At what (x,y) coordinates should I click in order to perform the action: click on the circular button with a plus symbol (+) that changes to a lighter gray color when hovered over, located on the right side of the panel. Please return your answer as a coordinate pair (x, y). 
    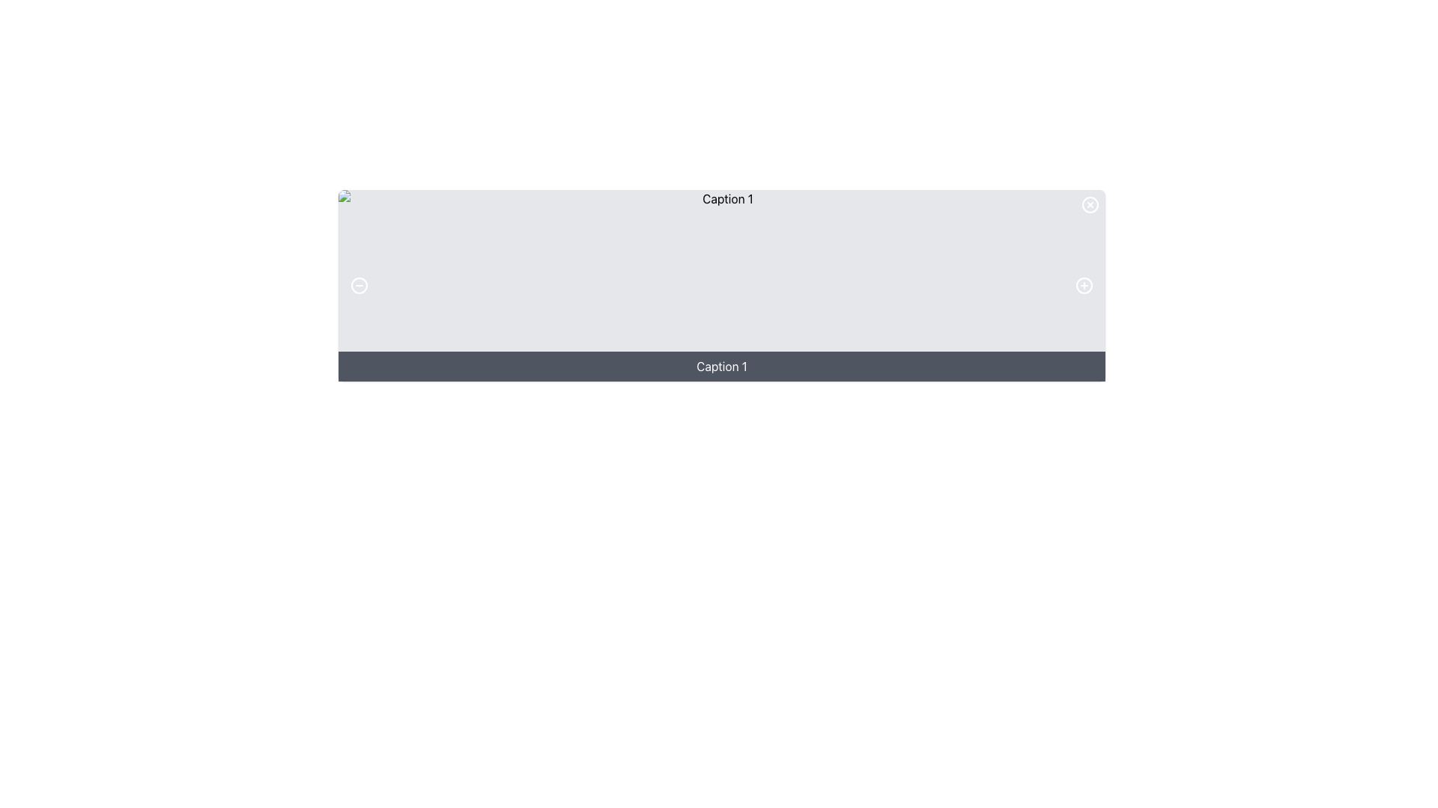
    Looking at the image, I should click on (1084, 285).